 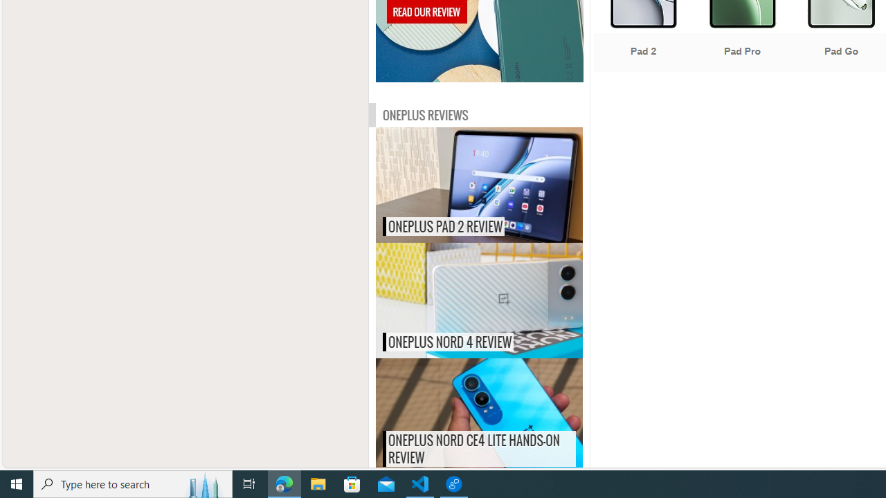 I want to click on 'OnePlus Nord CE4 Lite hands-on review', so click(x=507, y=415).